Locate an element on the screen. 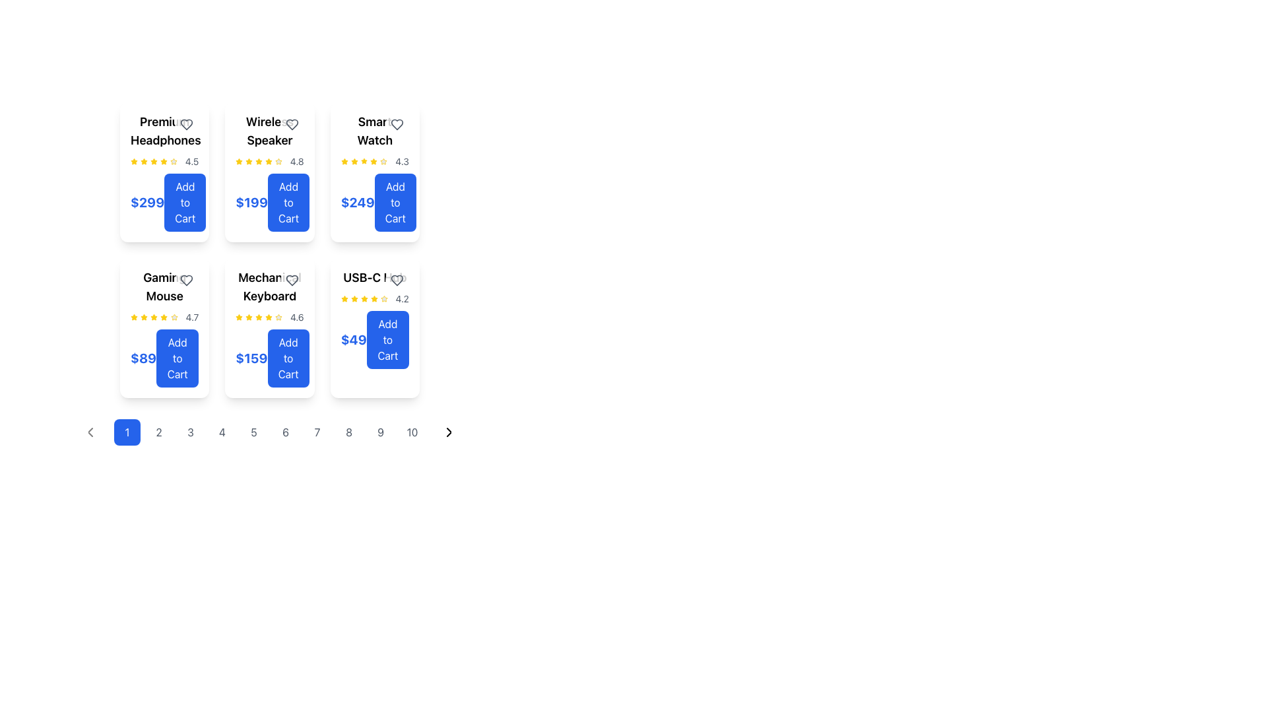 Image resolution: width=1267 pixels, height=713 pixels. the highlighted star icon in the rating section of the card labeled 'USB-C H' is located at coordinates (374, 298).